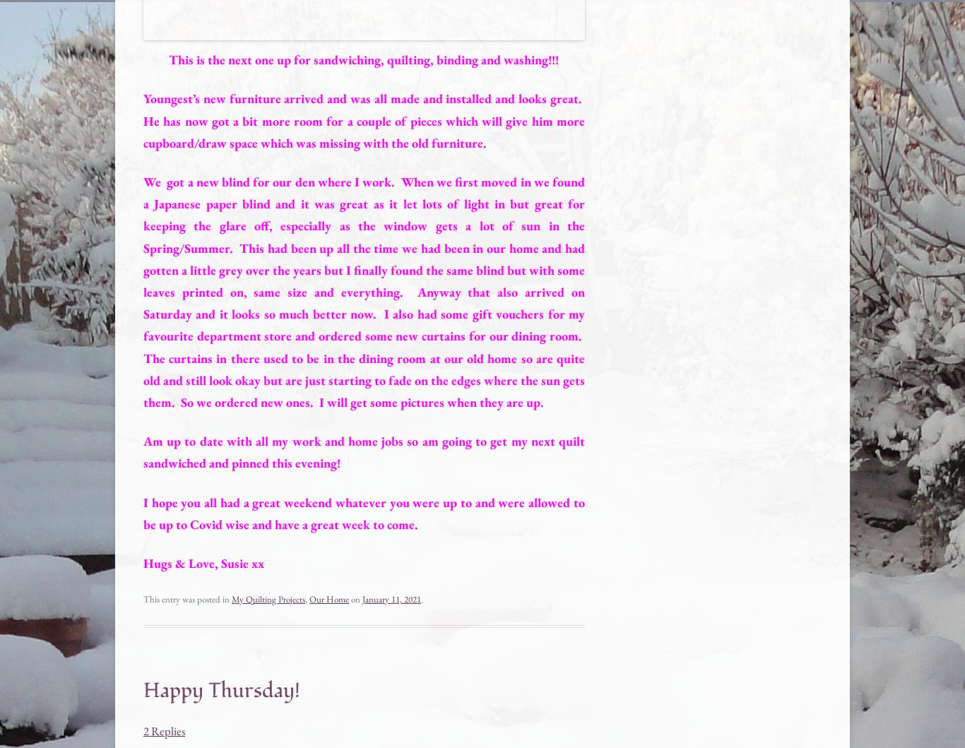  Describe the element at coordinates (364, 291) in the screenshot. I see `'We  got a new blind for our den where I work.  When we first moved in we found a Japanese paper blind and it was great as it let lots of light in but great for keeping the glare off, especially as the window gets a lot of sun in the Spring/Summer.  This had been up all the time we had been in our home and had gotten a little grey over the years but I finally found the same blind but with some leaves printed on, same size and everything.  Anyway that also arrived on Saturday and it looks so much better now.  I also had some gift vouchers for my favourite department store and ordered some new curtains for our dining room.  The curtains in there used to be in the dining room at our old home so are quite old and still look okay but are just starting to fade on the edges where the sun gets them.  So we ordered new ones.  I will get some pictures when they are up.'` at that location.